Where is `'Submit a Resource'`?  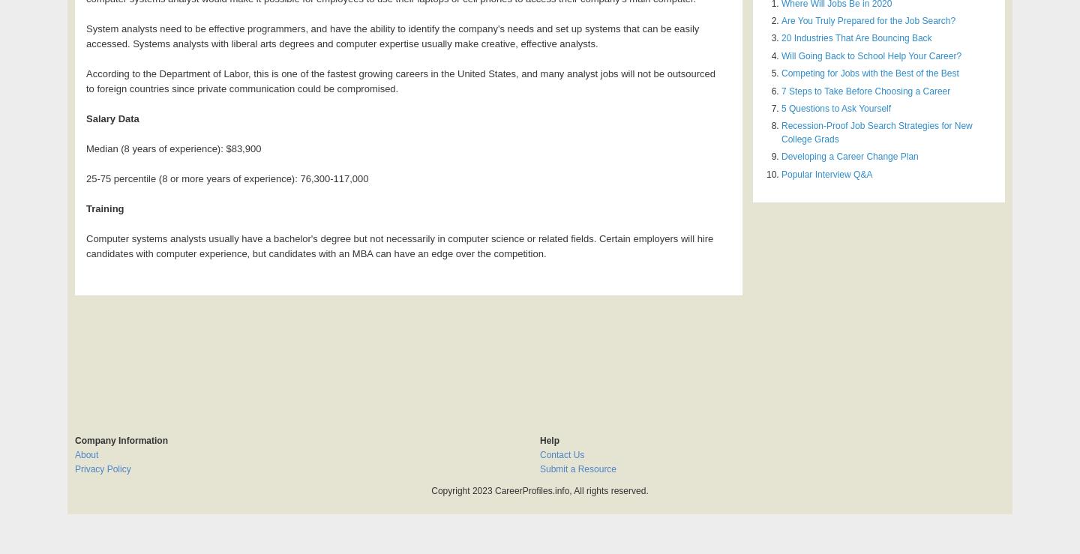
'Submit a Resource' is located at coordinates (577, 469).